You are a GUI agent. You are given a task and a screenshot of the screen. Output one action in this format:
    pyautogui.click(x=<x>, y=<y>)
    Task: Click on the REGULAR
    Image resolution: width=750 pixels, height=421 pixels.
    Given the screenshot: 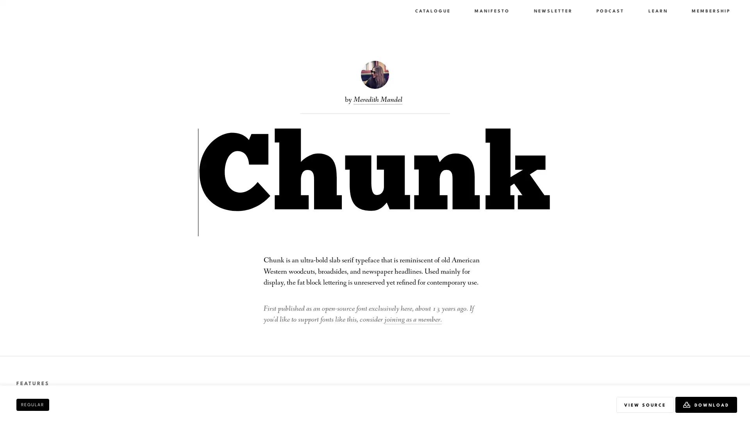 What is the action you would take?
    pyautogui.click(x=32, y=404)
    